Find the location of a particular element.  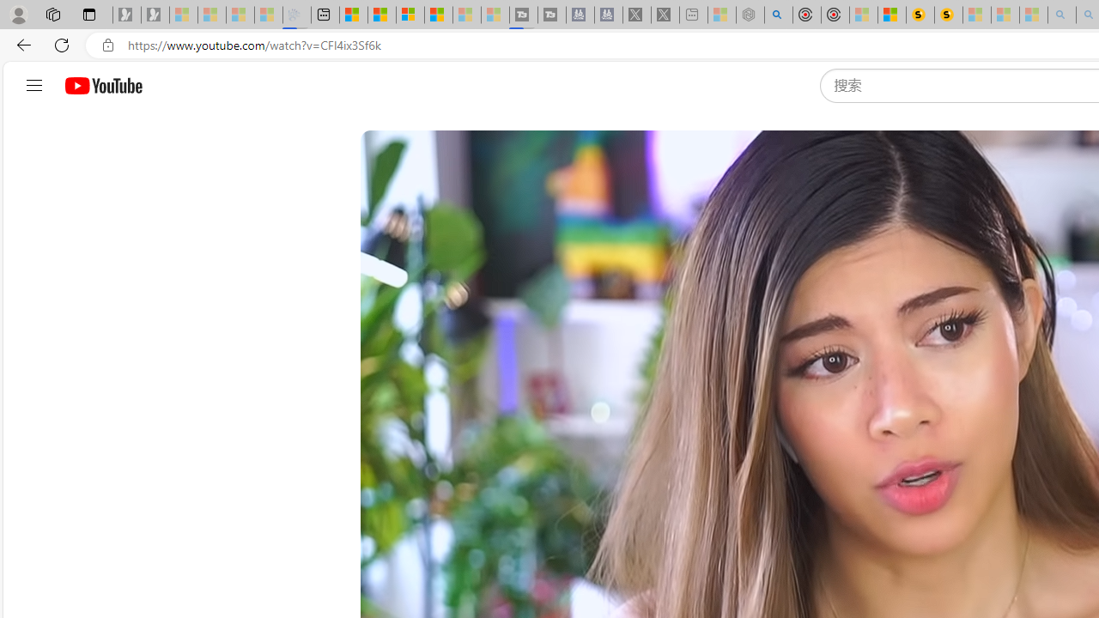

'Refresh' is located at coordinates (62, 44).